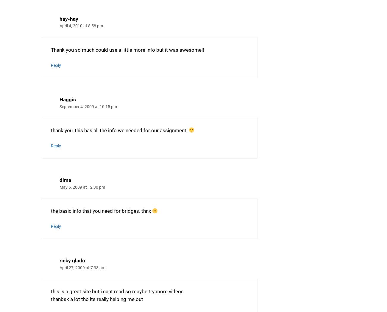 The height and width of the screenshot is (312, 387). I want to click on 'thank you, this has all the info we needed for our assignment!', so click(51, 130).